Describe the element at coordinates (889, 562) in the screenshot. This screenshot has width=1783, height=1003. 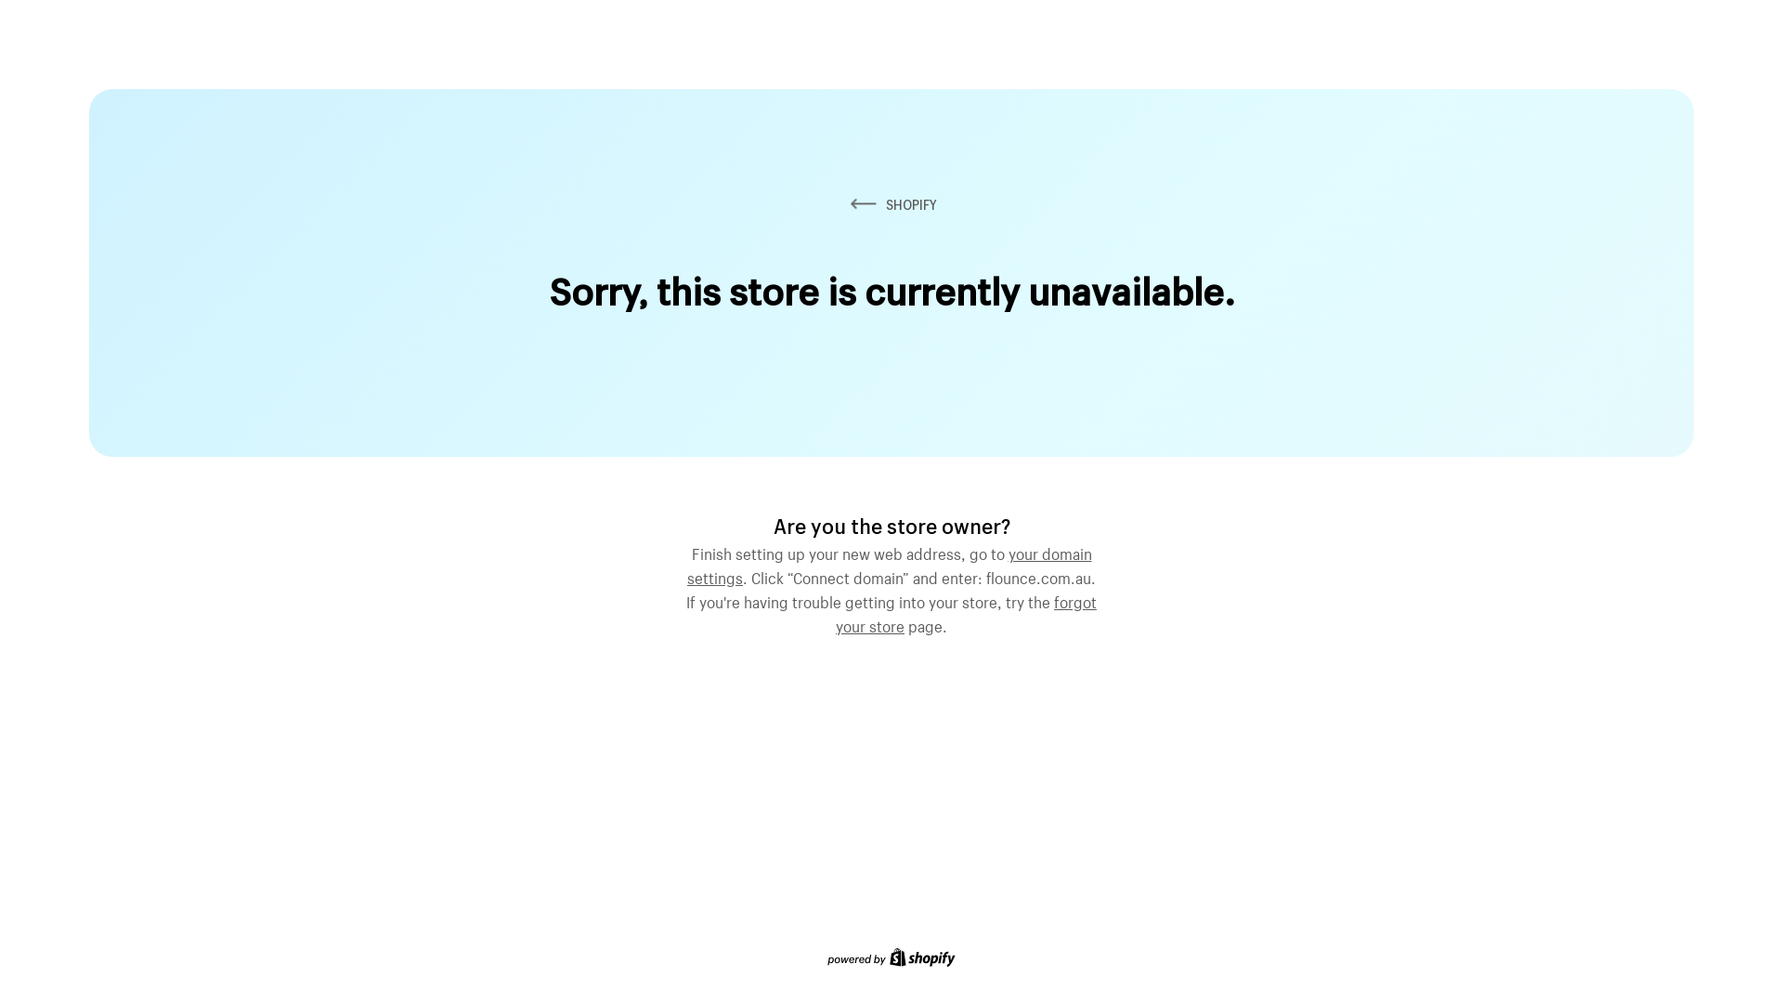
I see `'your domain settings'` at that location.